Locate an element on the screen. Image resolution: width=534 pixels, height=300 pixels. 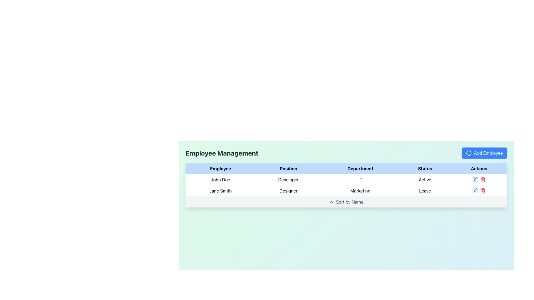
the decorative icon indicating an addition operation within the 'Add Employee' button located at the top-right corner of the employee management section is located at coordinates (469, 153).